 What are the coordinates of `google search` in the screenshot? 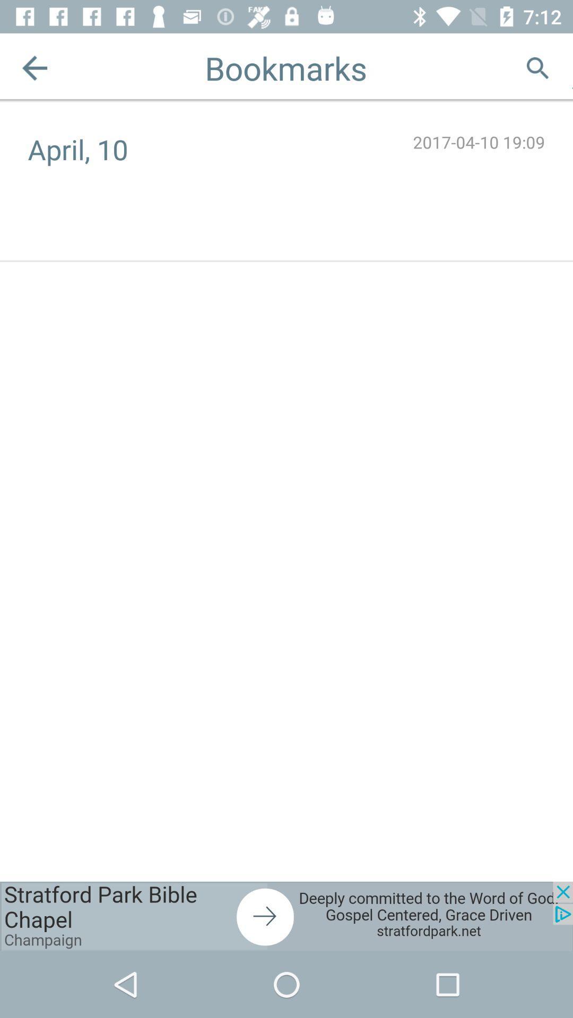 It's located at (537, 67).